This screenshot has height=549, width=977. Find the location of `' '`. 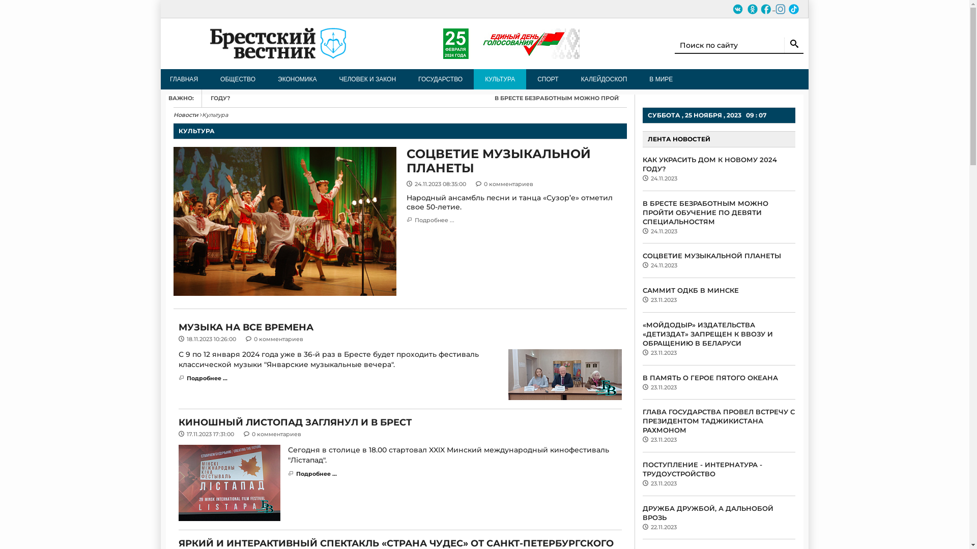

' ' is located at coordinates (743, 8).